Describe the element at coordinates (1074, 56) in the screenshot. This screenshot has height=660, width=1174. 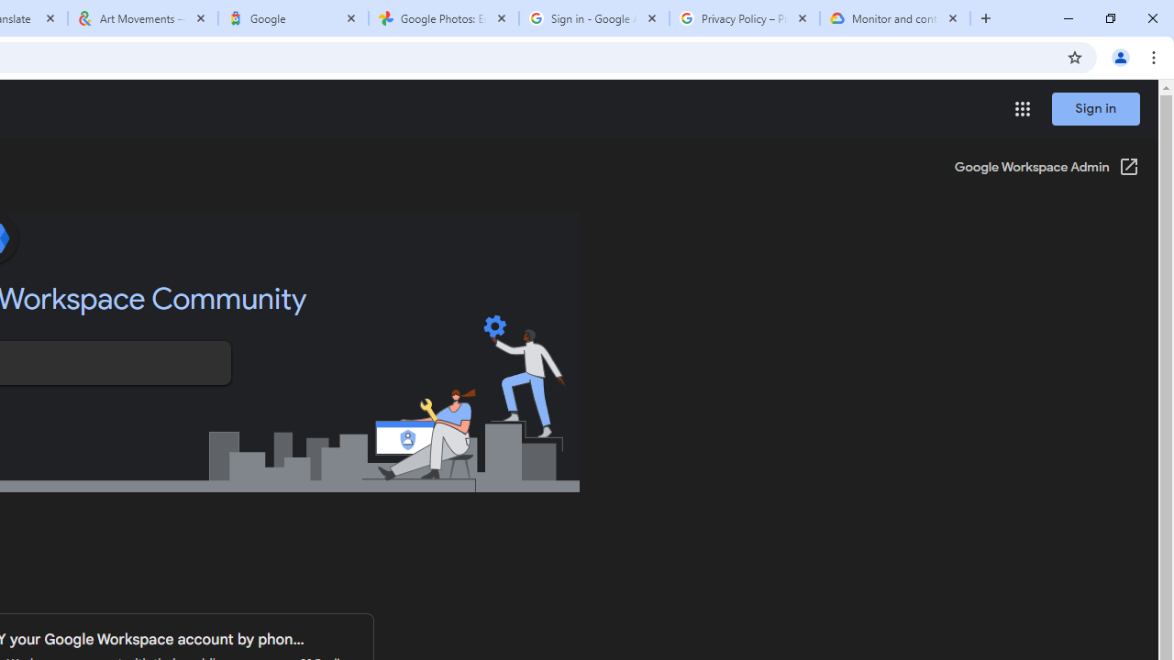
I see `'Bookmark this tab'` at that location.